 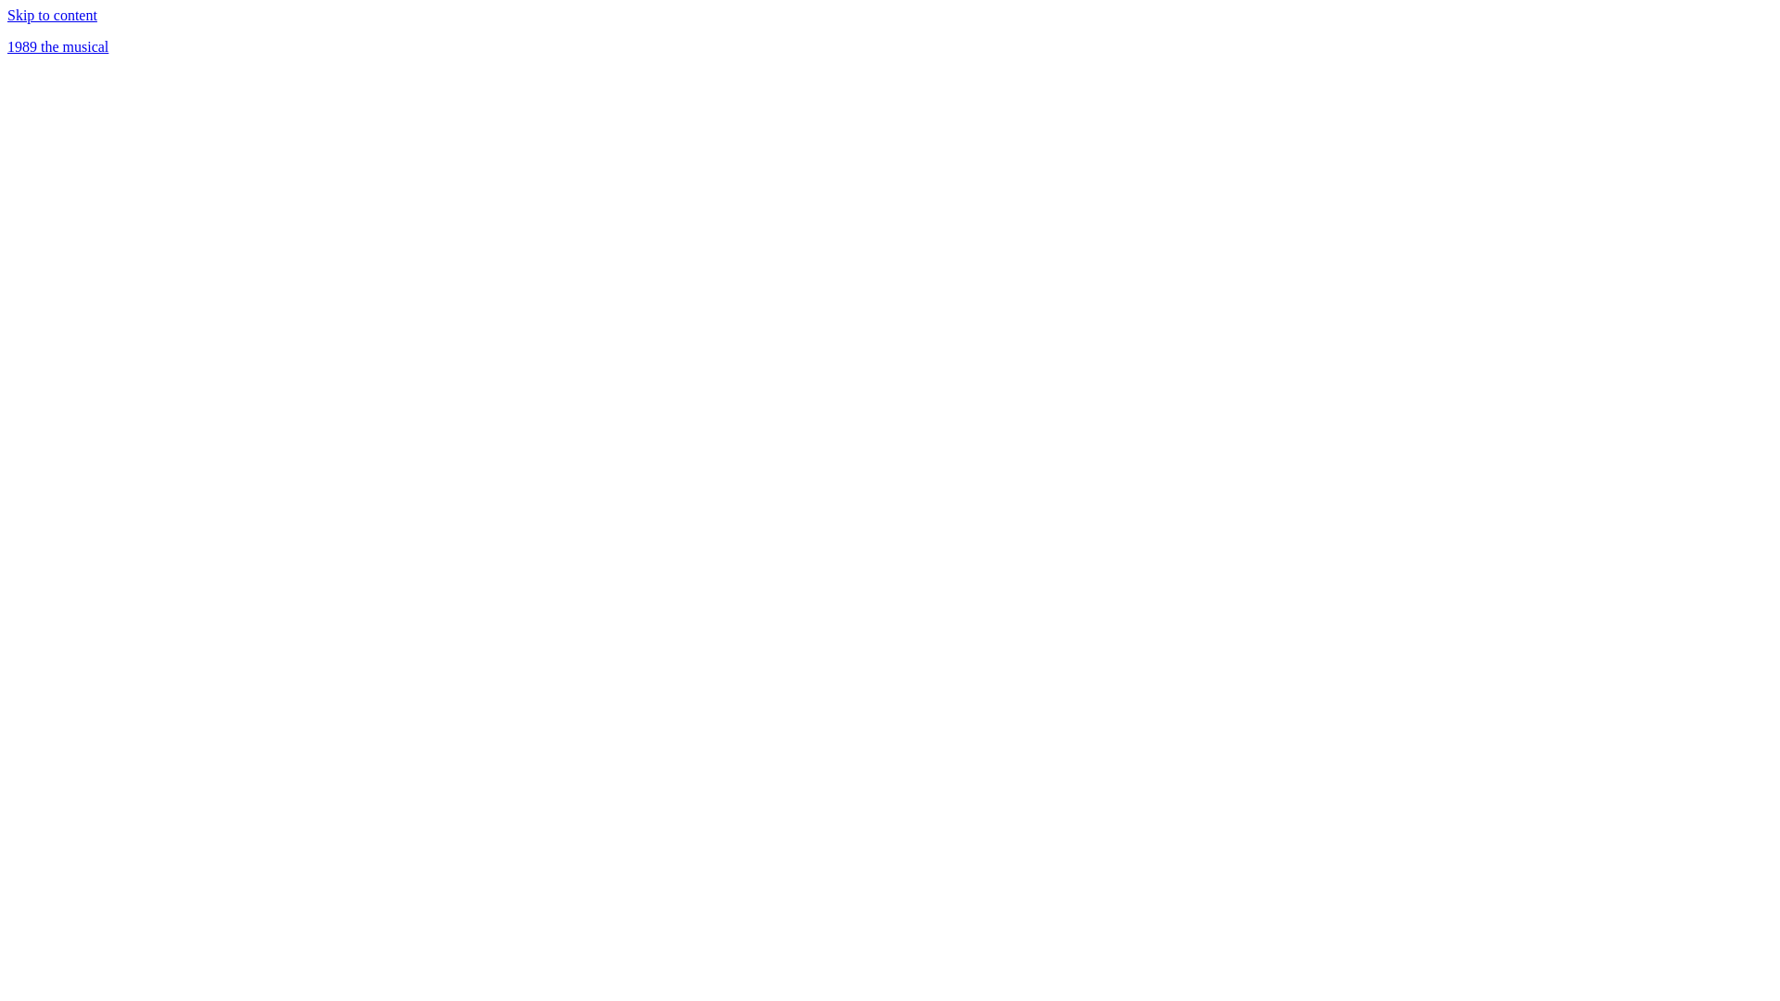 I want to click on 'Skip to content', so click(x=7, y=15).